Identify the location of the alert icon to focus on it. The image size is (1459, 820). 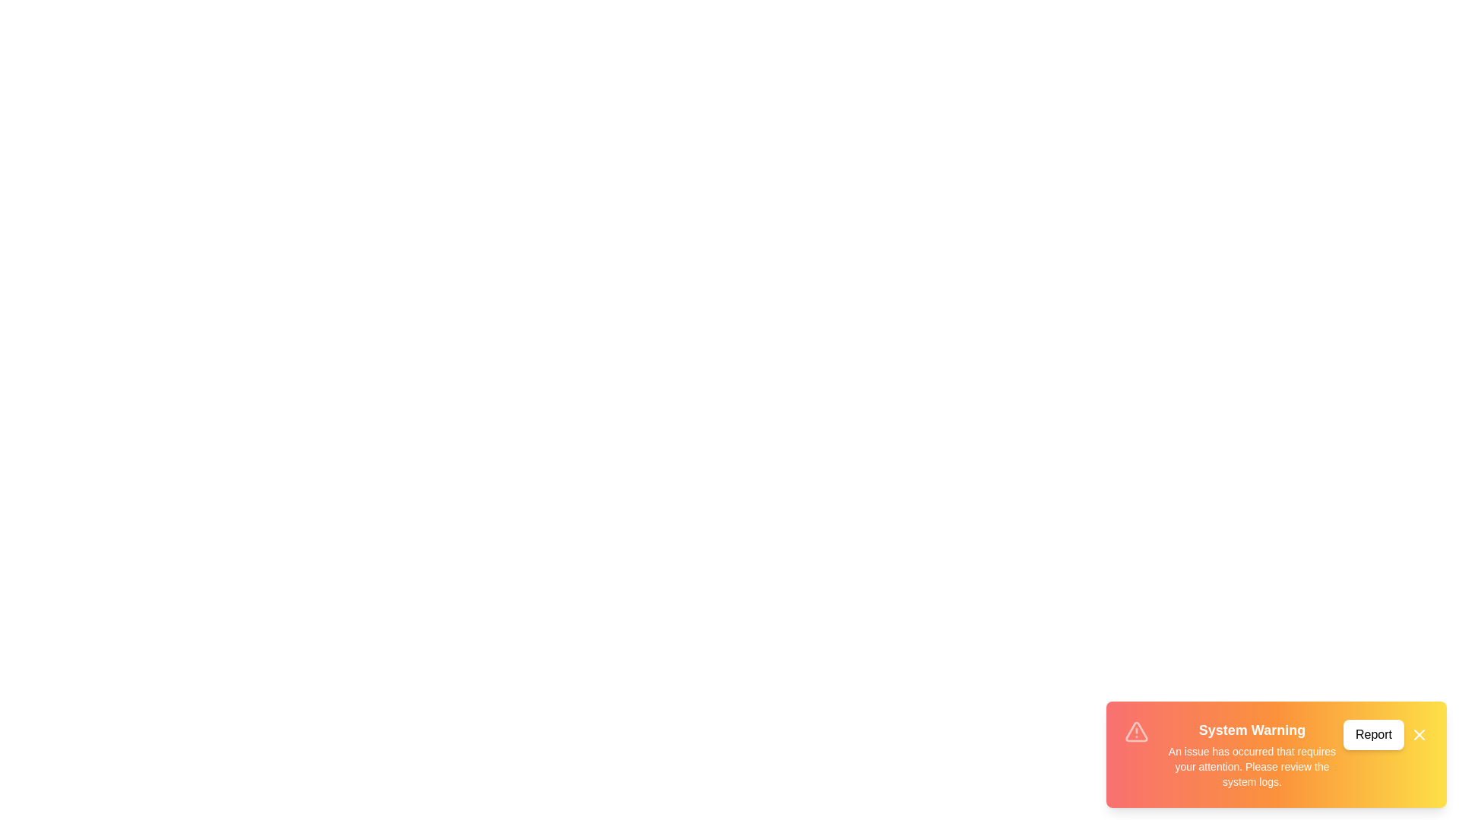
(1137, 731).